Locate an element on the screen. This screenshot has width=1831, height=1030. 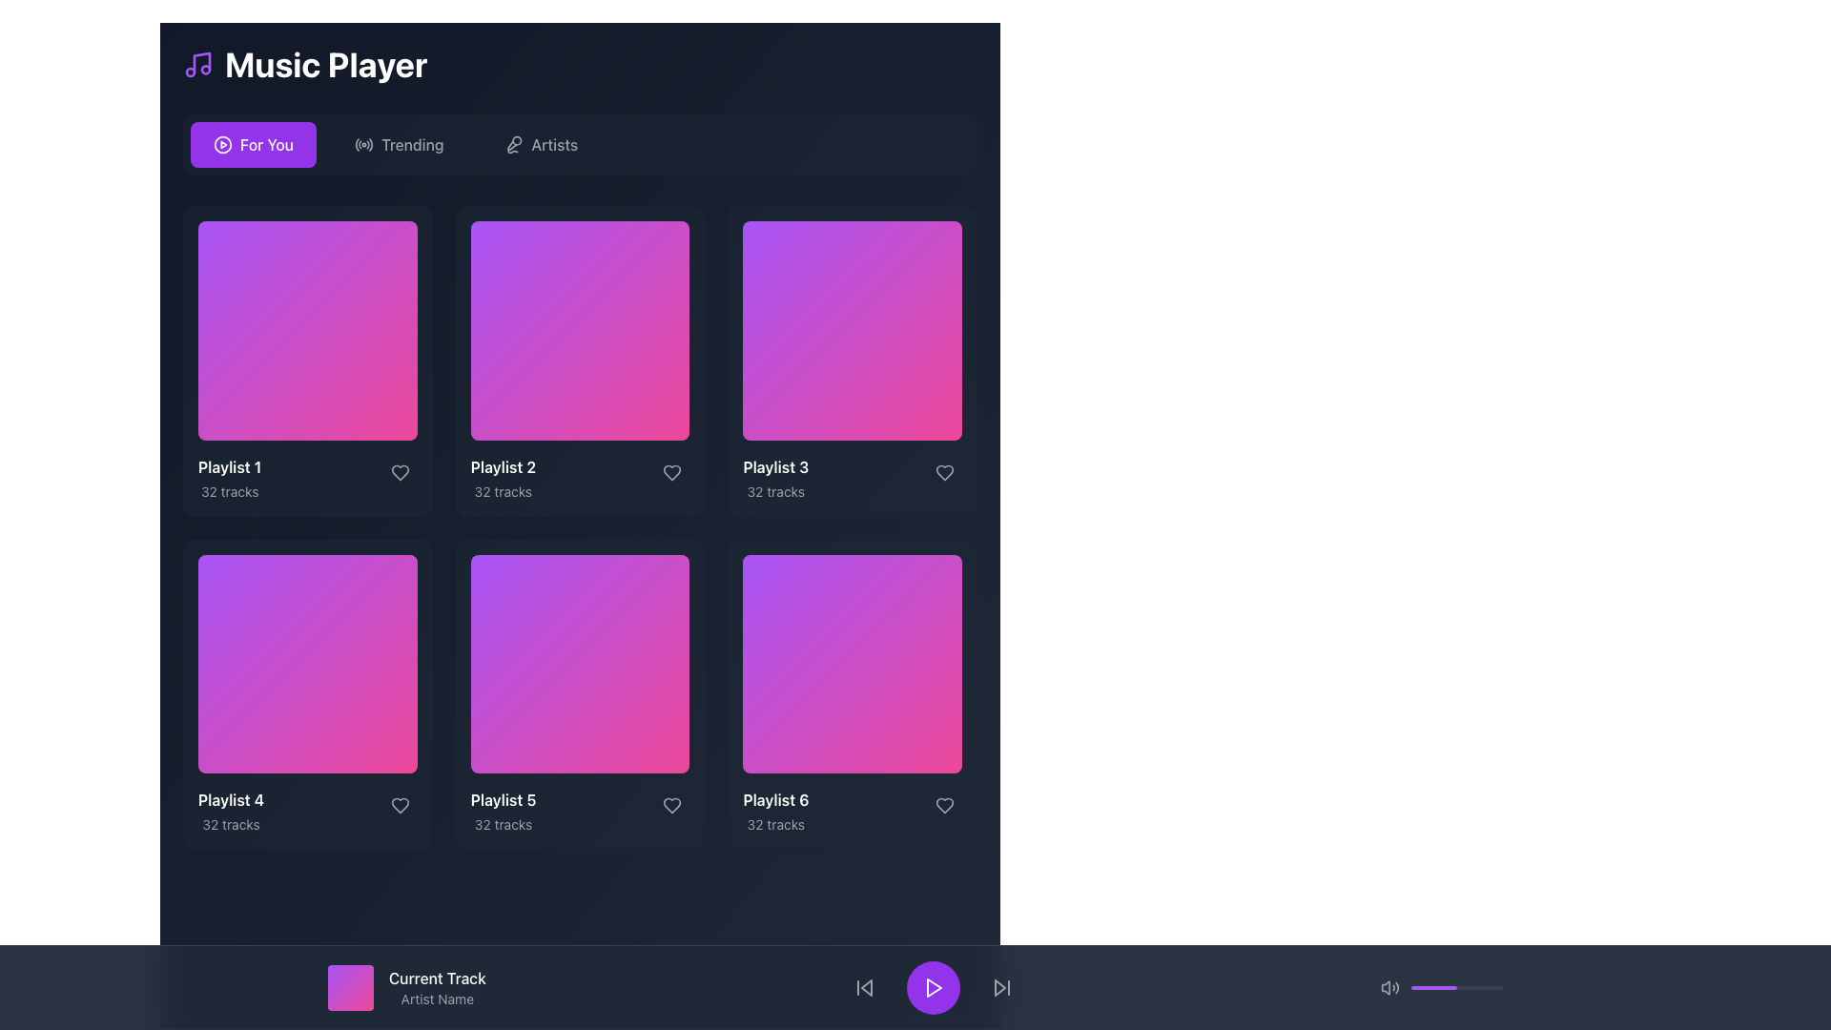
the volume slider is located at coordinates (1444, 987).